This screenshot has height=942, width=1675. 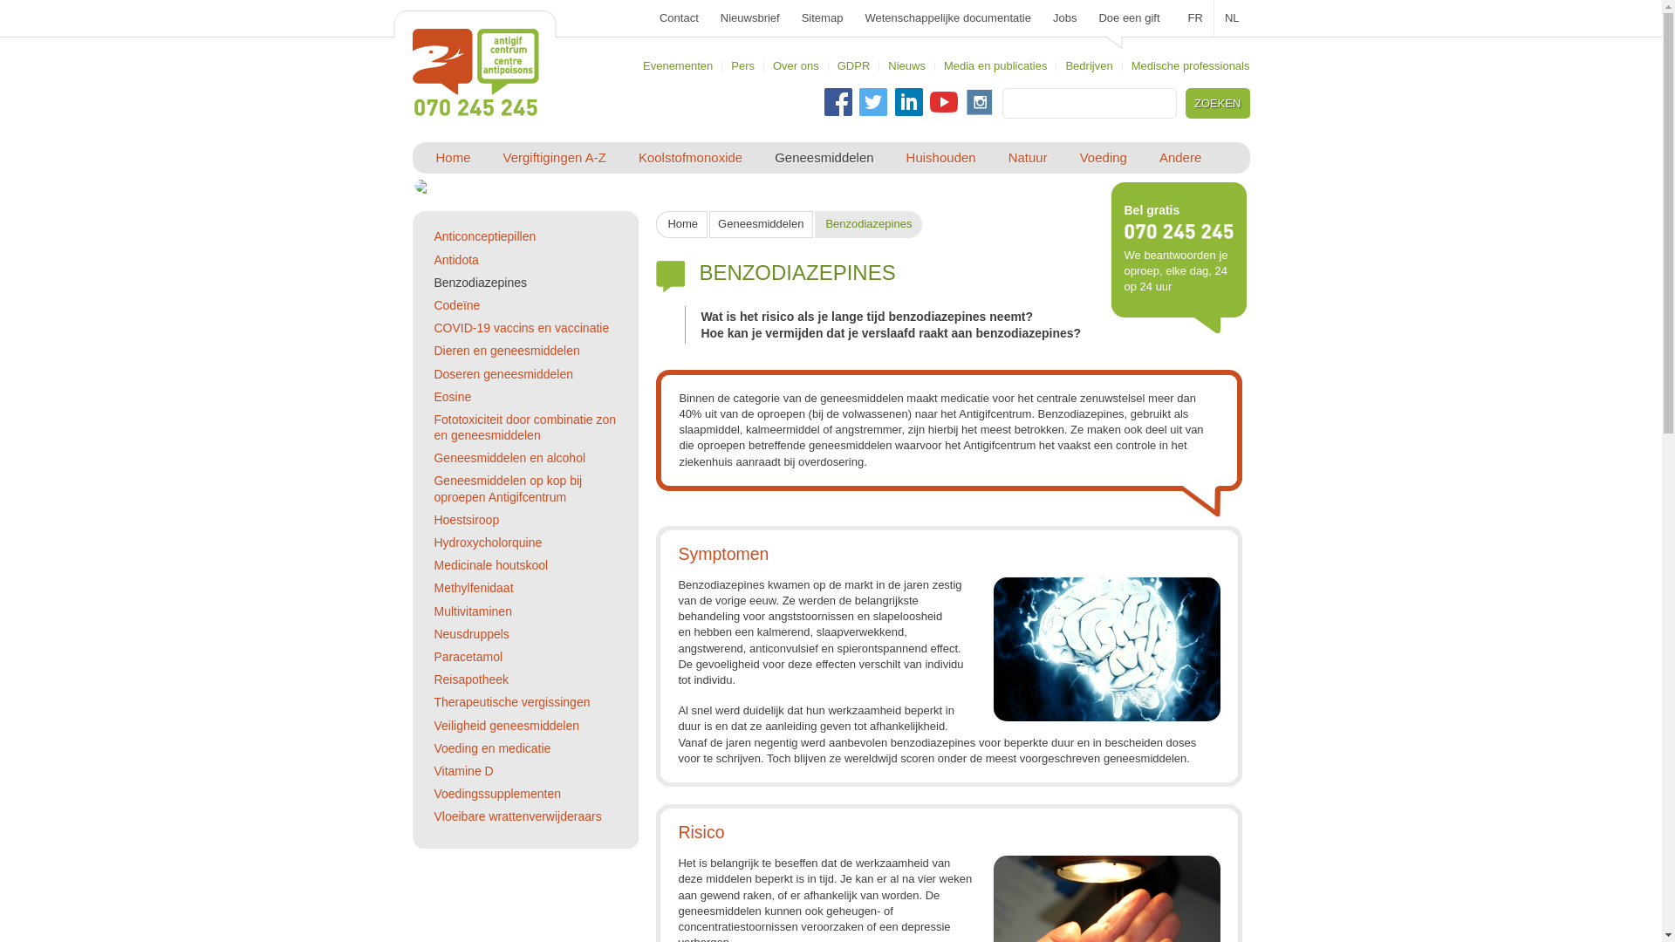 I want to click on 'Geneesmiddelen en alcohol', so click(x=509, y=456).